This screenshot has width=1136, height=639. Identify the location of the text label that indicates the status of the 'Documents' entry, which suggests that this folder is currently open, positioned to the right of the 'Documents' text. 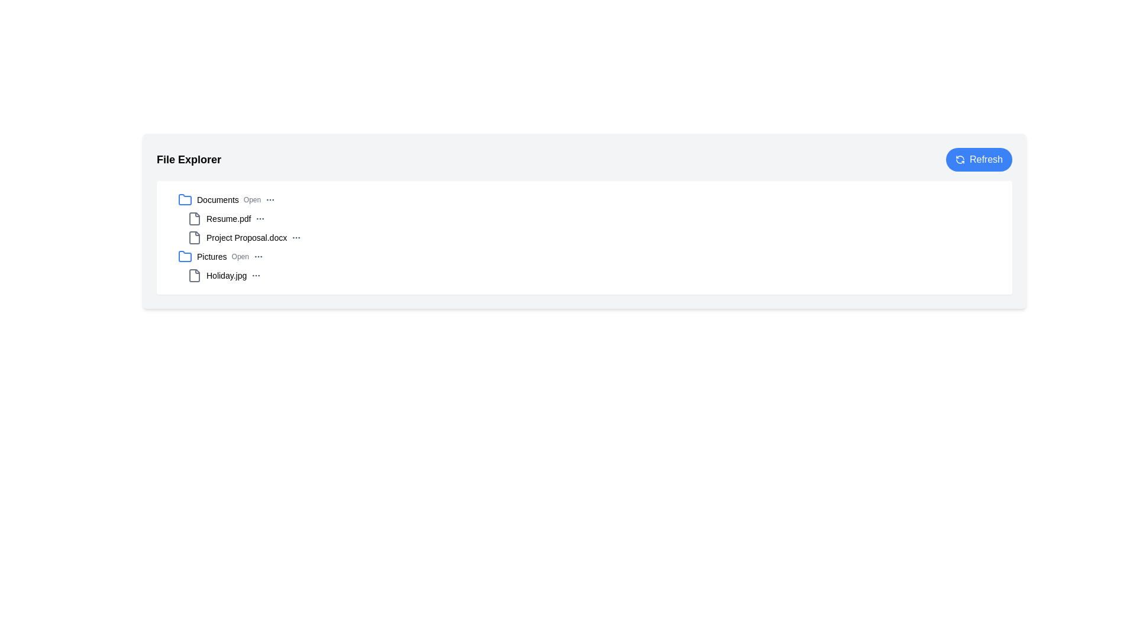
(251, 199).